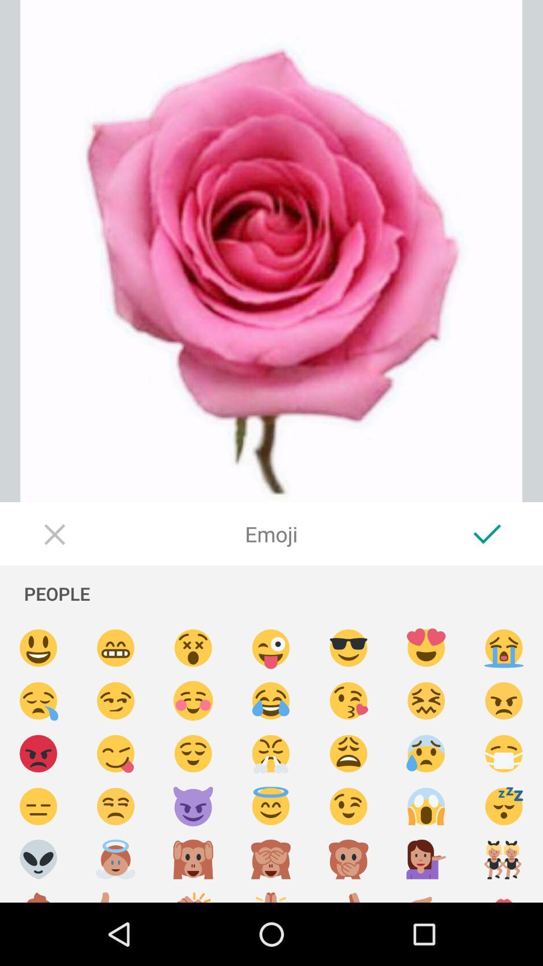 This screenshot has height=966, width=543. Describe the element at coordinates (426, 807) in the screenshot. I see `insert scared emoji` at that location.